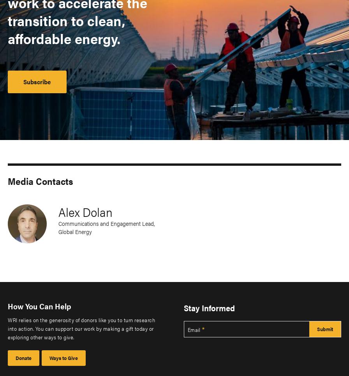  What do you see at coordinates (81, 328) in the screenshot?
I see `'WRI relies on the generosity of donors like you to turn research into action. You can support our work by making a gift today or exploring other ways to give.'` at bounding box center [81, 328].